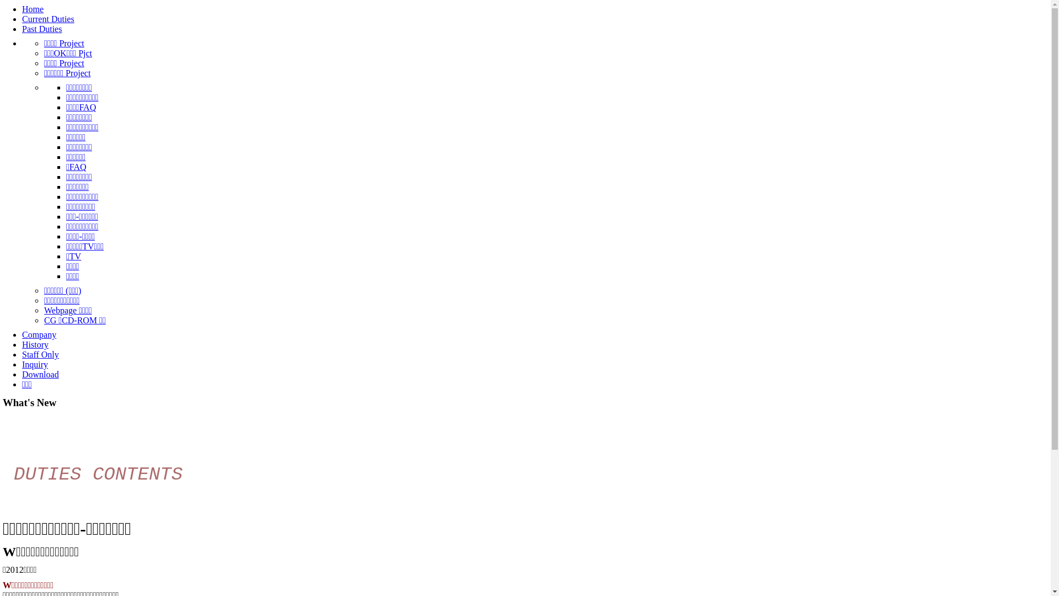 This screenshot has width=1059, height=596. Describe the element at coordinates (33, 9) in the screenshot. I see `'Home'` at that location.